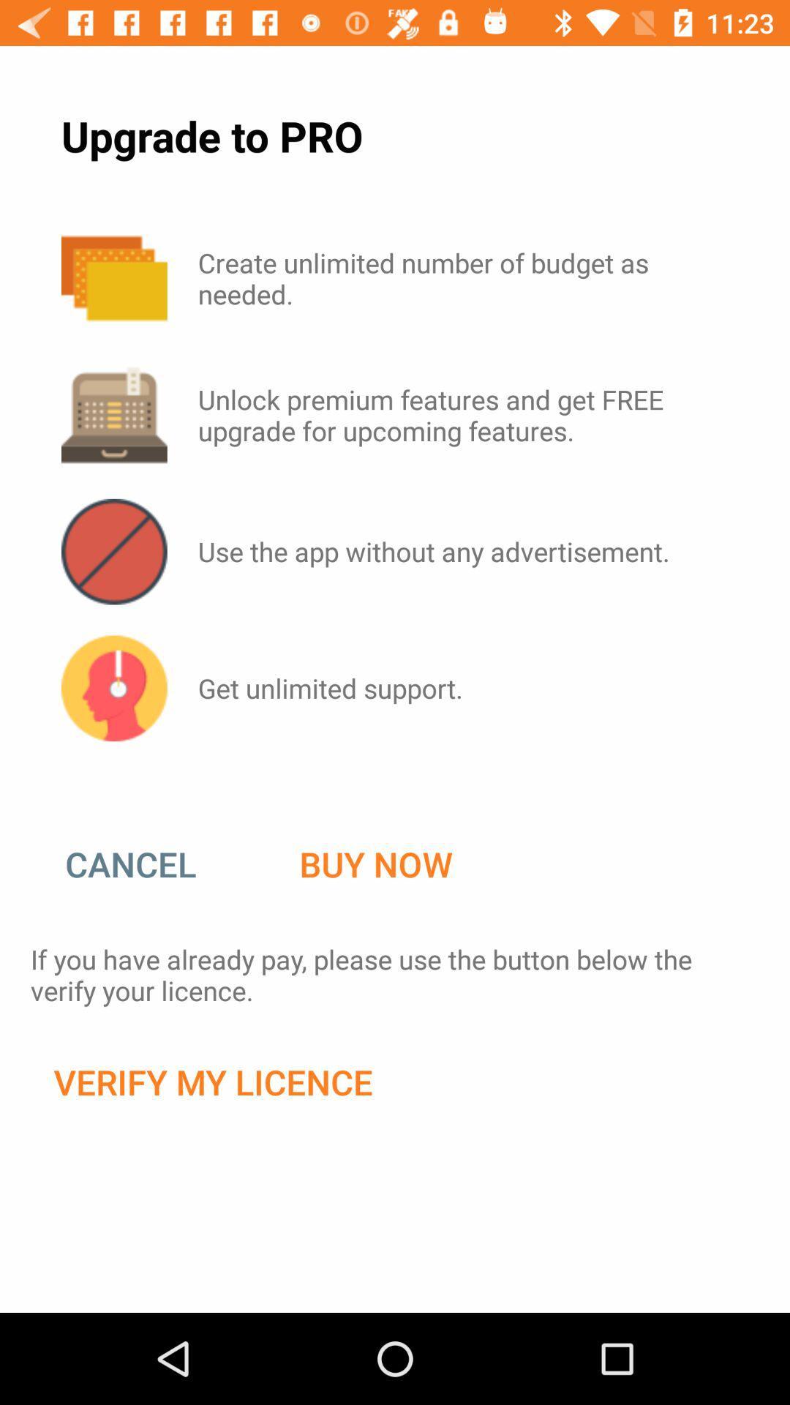 The height and width of the screenshot is (1405, 790). What do you see at coordinates (375, 864) in the screenshot?
I see `the buy now icon` at bounding box center [375, 864].